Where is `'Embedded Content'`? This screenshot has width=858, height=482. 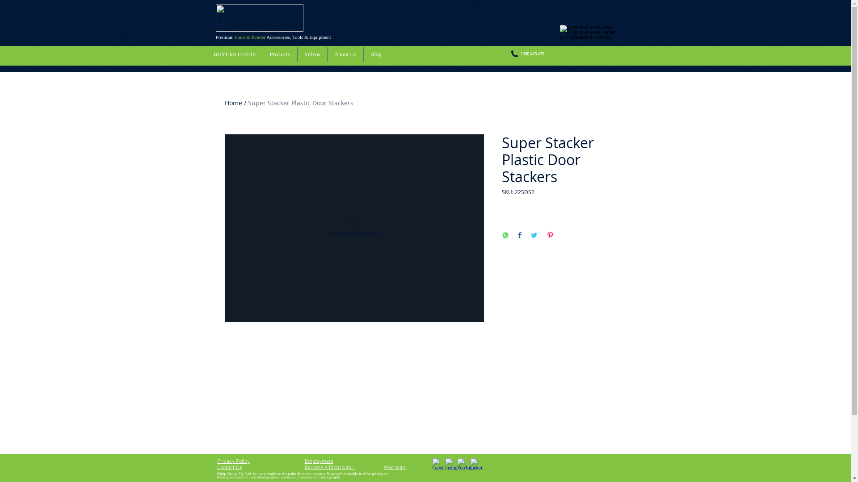 'Embedded Content' is located at coordinates (548, 409).